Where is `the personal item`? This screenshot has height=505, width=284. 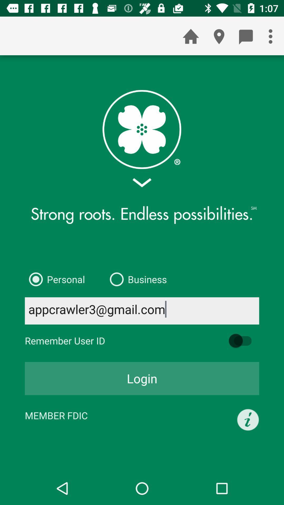 the personal item is located at coordinates (55, 279).